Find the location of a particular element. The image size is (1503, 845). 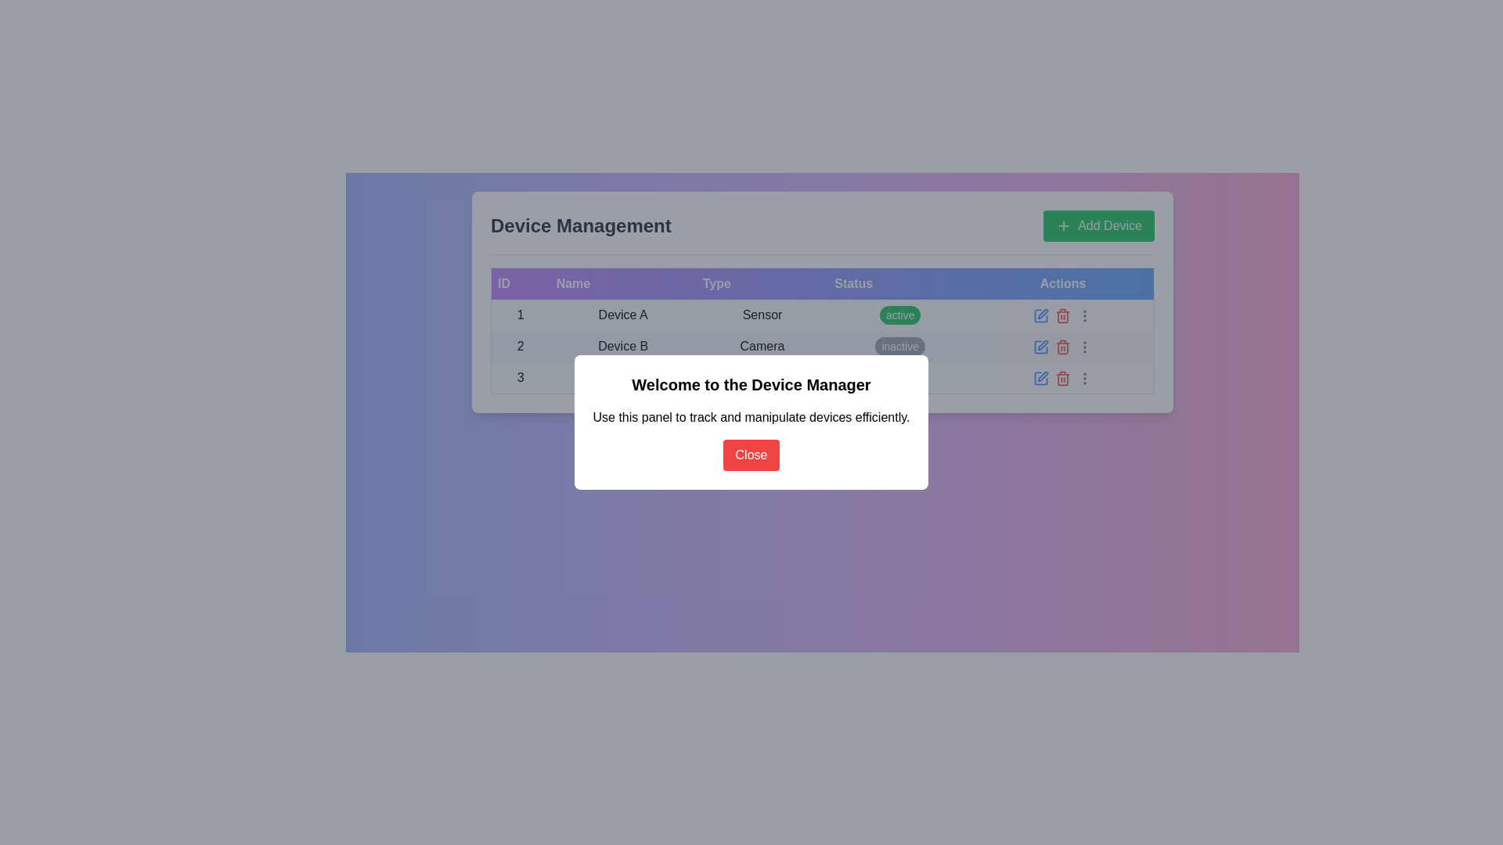

the edit button located in the 'Actions' column of the first row in the table to trigger a tooltip is located at coordinates (1040, 315).